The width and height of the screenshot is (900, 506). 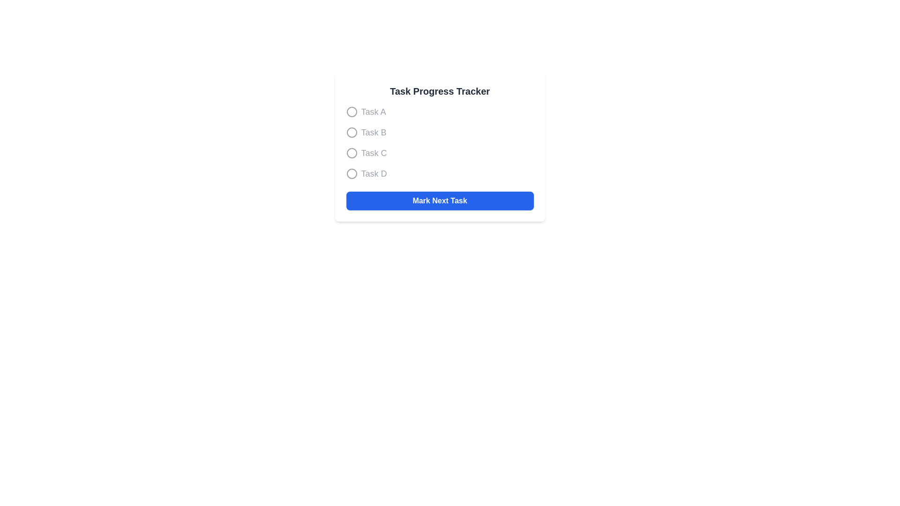 I want to click on the text label 'Task D', which is styled in gray color and is horizontally aligned with a circular icon to its left, located in the bottom part of the vertical list within the 'Task Progress Tracker' form, so click(x=373, y=173).